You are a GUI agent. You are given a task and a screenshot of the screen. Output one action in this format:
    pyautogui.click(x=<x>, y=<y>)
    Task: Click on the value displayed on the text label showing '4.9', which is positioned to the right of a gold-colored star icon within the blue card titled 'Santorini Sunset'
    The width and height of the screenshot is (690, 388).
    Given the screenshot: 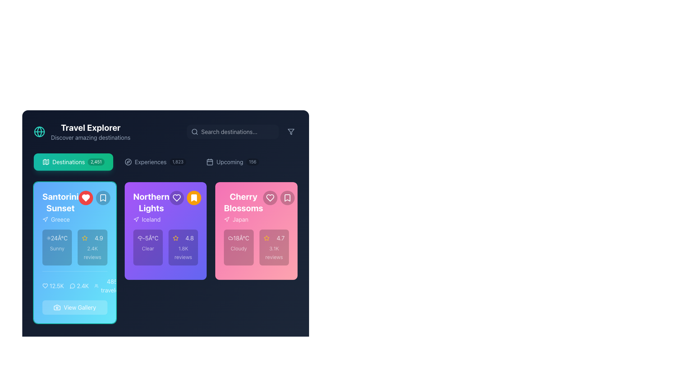 What is the action you would take?
    pyautogui.click(x=98, y=238)
    